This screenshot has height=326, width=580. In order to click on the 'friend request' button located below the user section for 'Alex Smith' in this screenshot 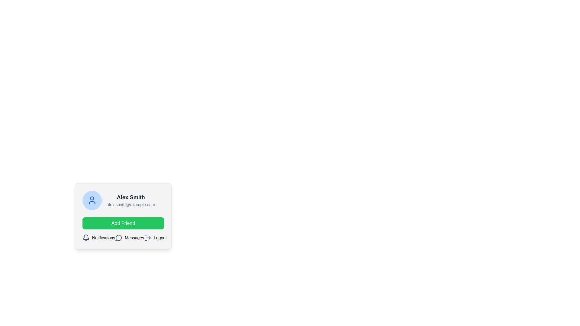, I will do `click(123, 229)`.